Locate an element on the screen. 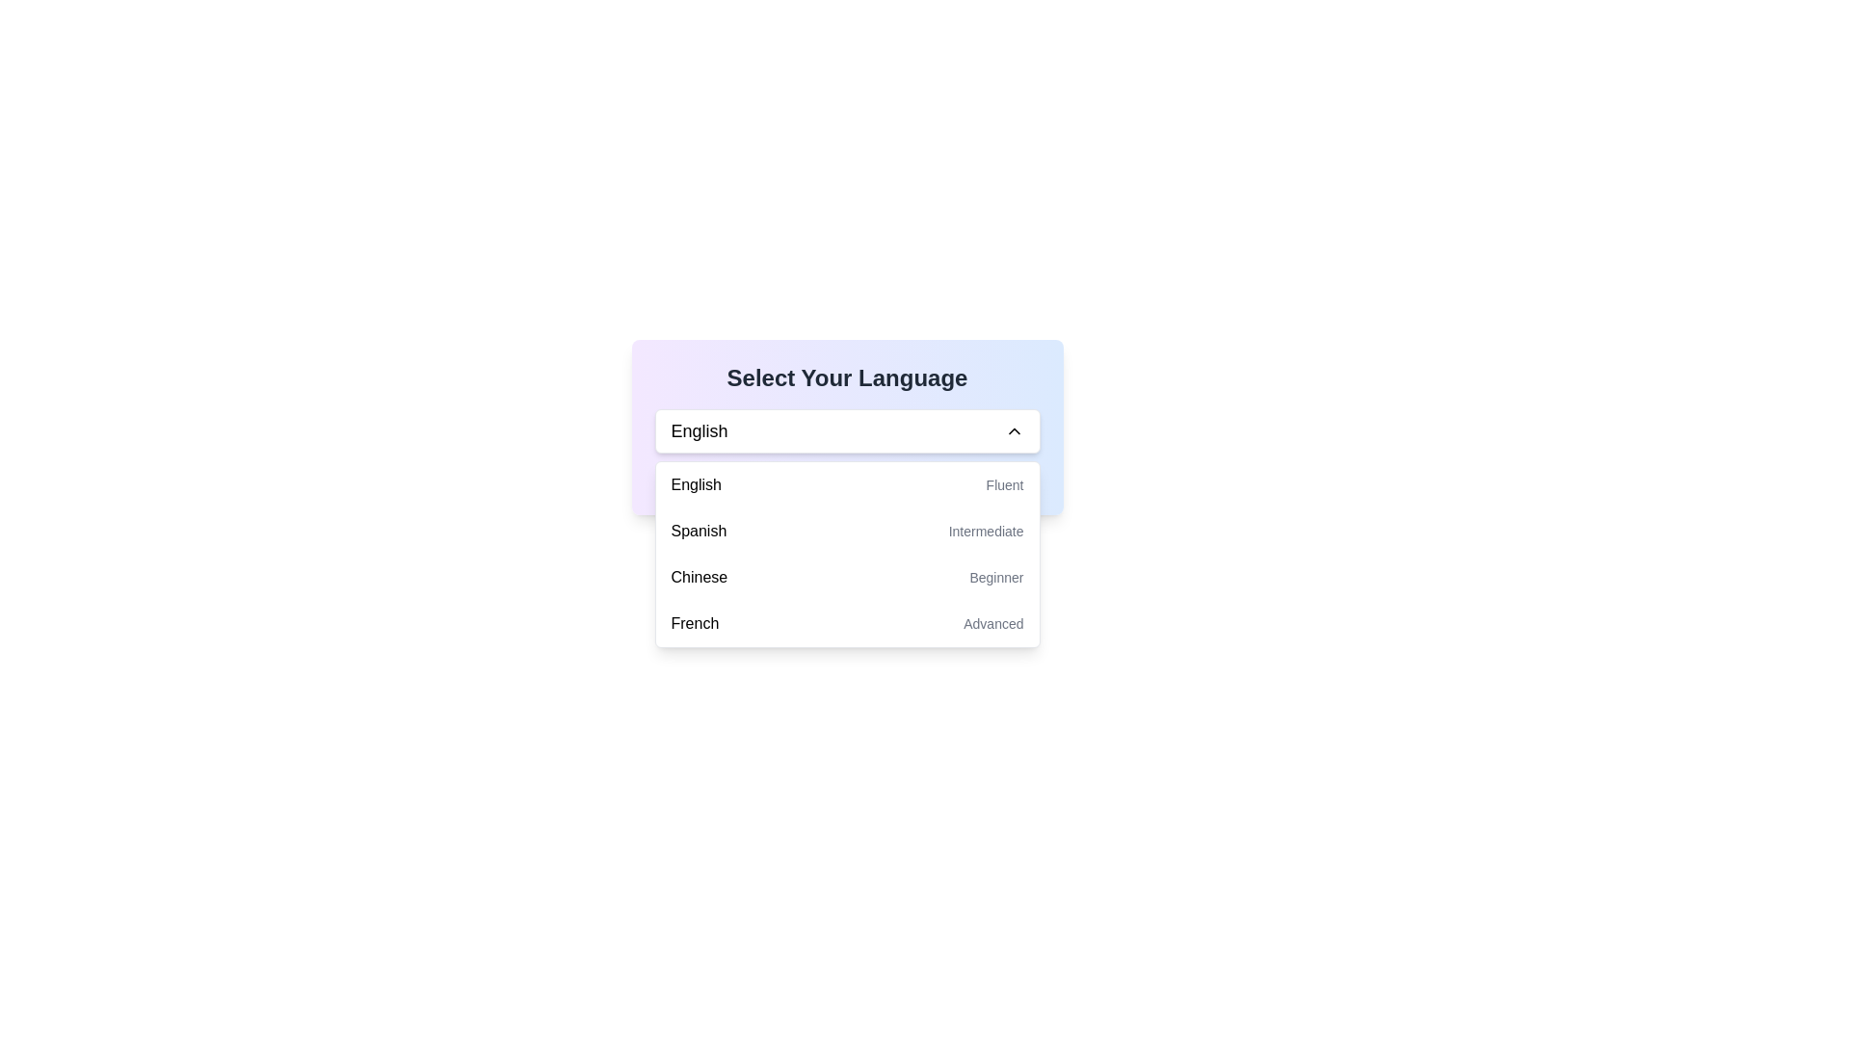 Image resolution: width=1850 pixels, height=1040 pixels. the text label displaying 'Chinese' in black font, which is part of a dropdown menu for language selection, located to the left of the 'Beginner' proficiency level label is located at coordinates (698, 577).